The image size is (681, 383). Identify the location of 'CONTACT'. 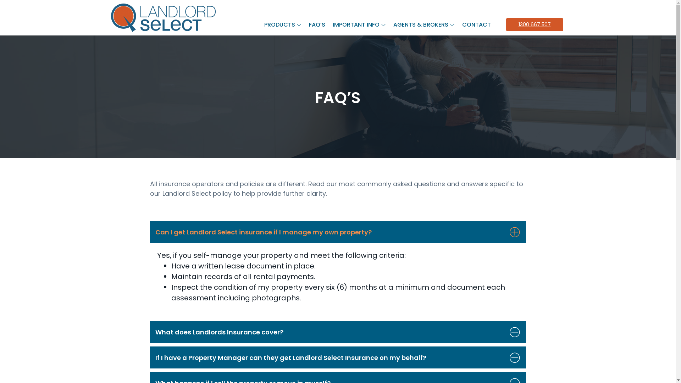
(459, 24).